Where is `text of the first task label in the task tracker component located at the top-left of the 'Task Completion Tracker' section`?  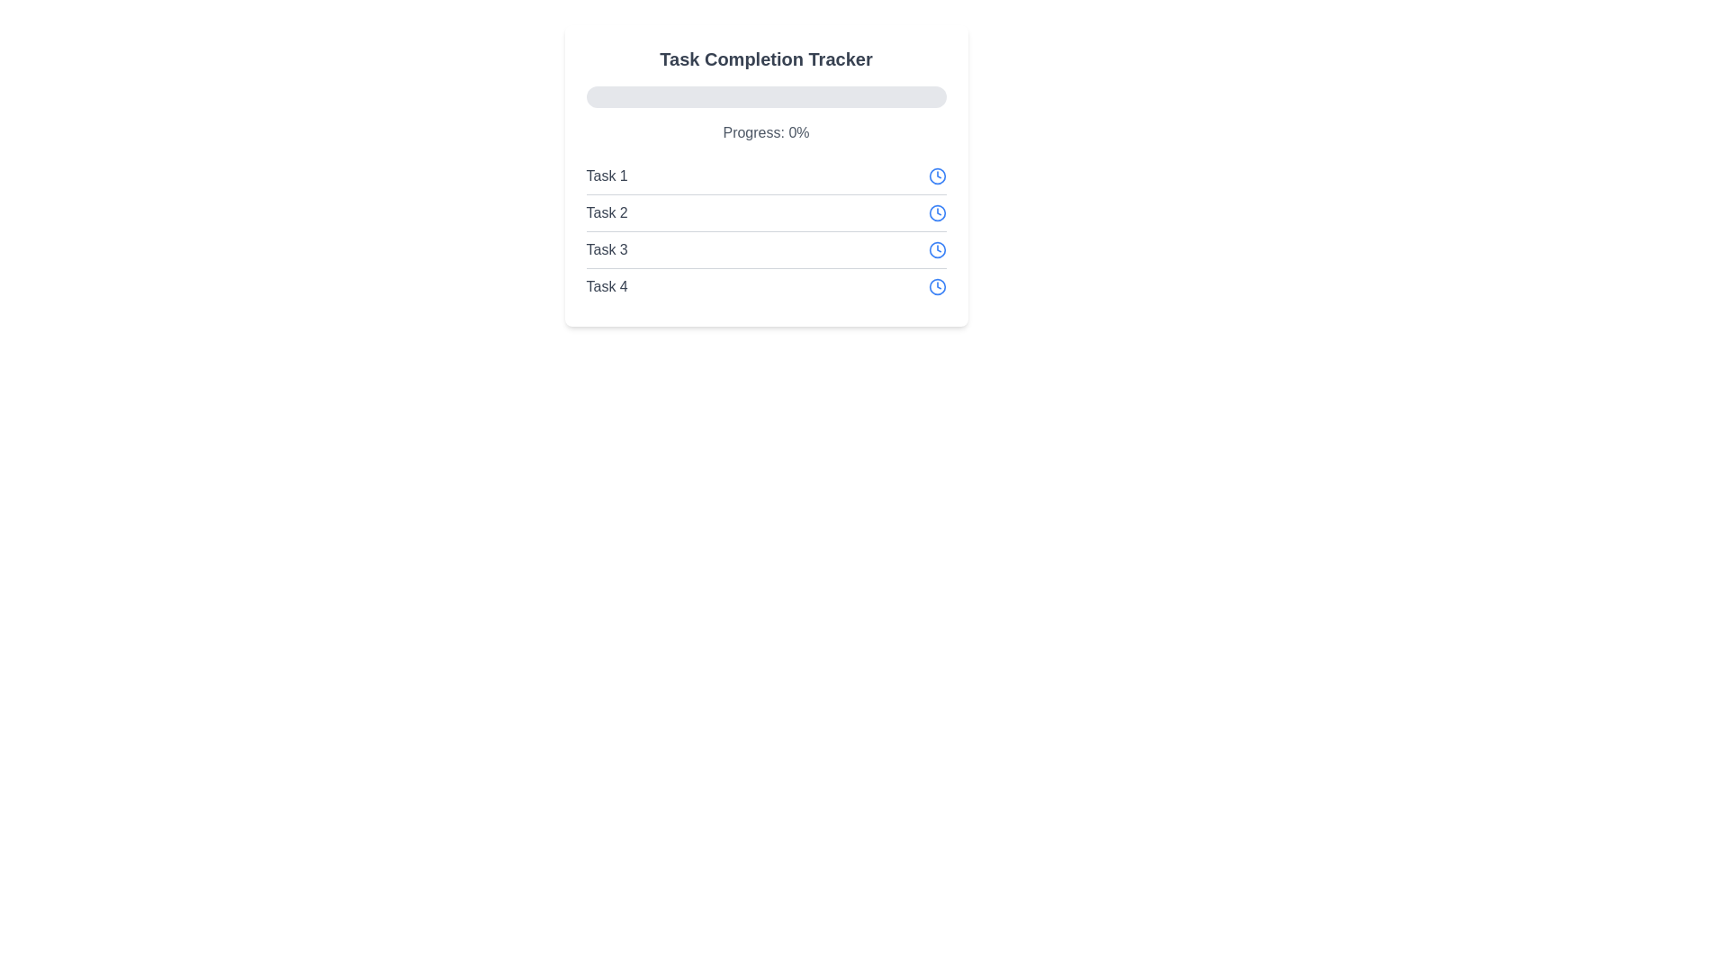 text of the first task label in the task tracker component located at the top-left of the 'Task Completion Tracker' section is located at coordinates (607, 176).